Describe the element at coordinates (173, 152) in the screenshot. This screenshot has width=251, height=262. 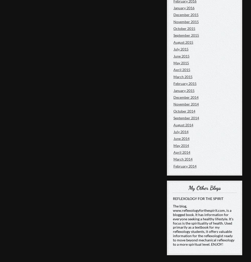
I see `'April 2014'` at that location.